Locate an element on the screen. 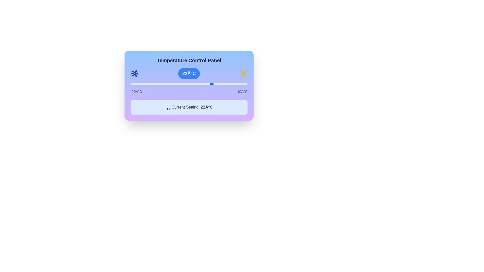 This screenshot has height=272, width=484. the slider to set the temperature to 19°C is located at coordinates (206, 84).